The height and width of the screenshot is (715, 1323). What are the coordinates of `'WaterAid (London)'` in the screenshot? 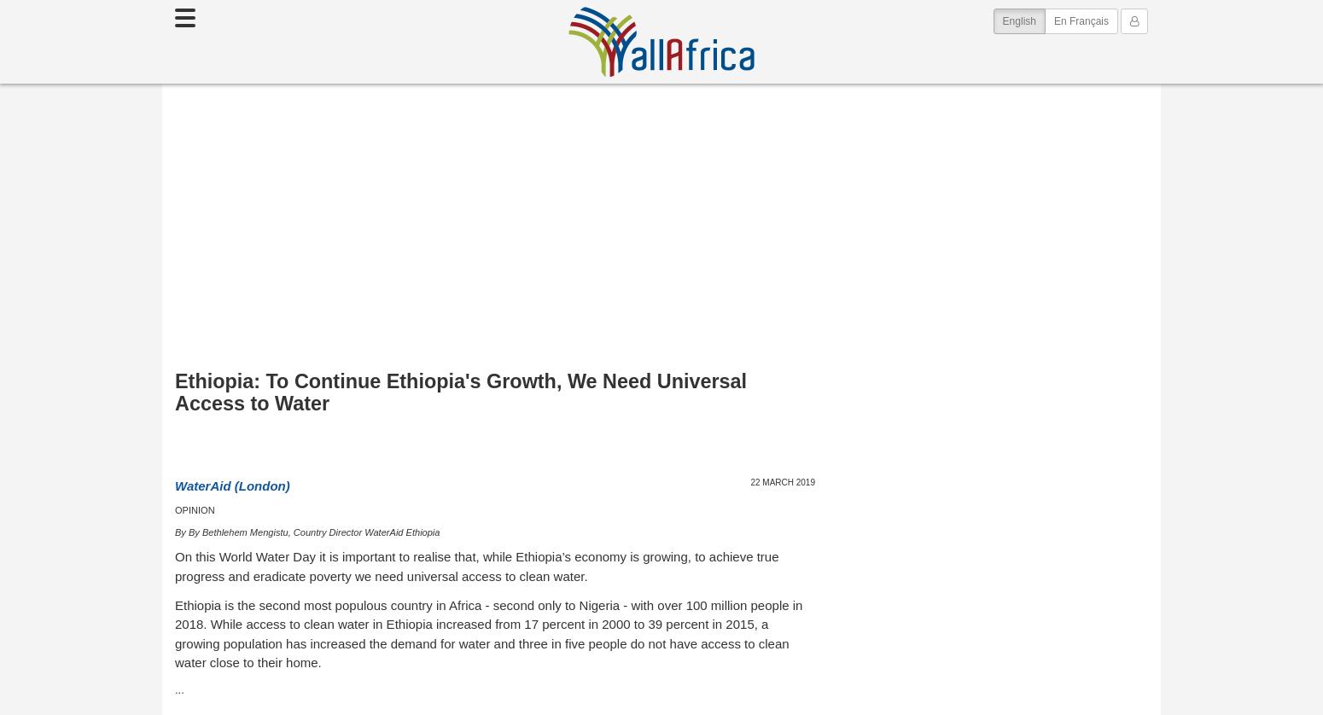 It's located at (232, 485).